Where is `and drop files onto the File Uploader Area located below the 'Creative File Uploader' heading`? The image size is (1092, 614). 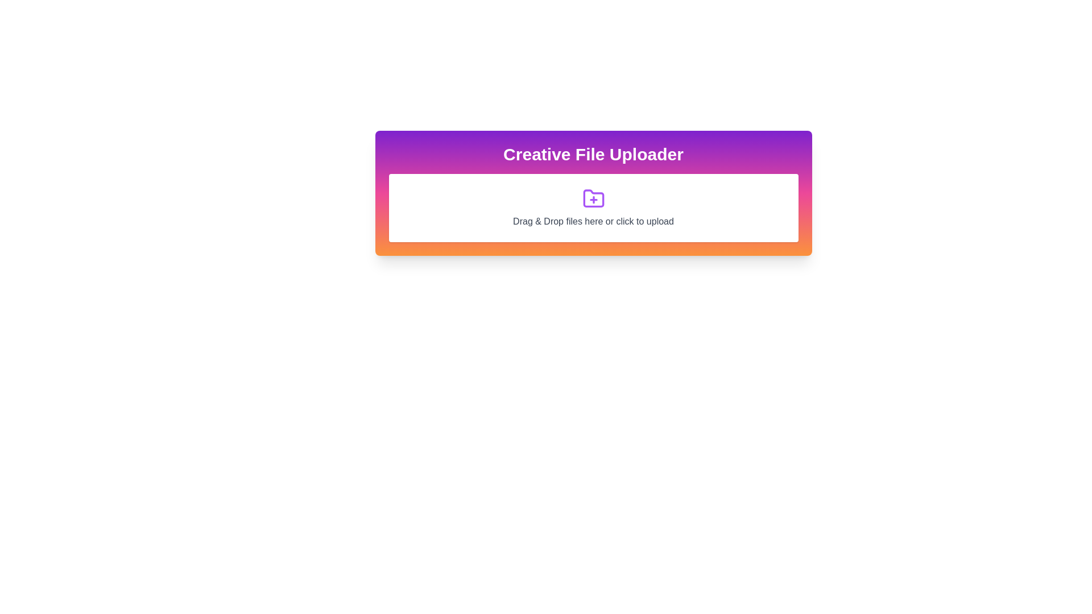
and drop files onto the File Uploader Area located below the 'Creative File Uploader' heading is located at coordinates (593, 208).